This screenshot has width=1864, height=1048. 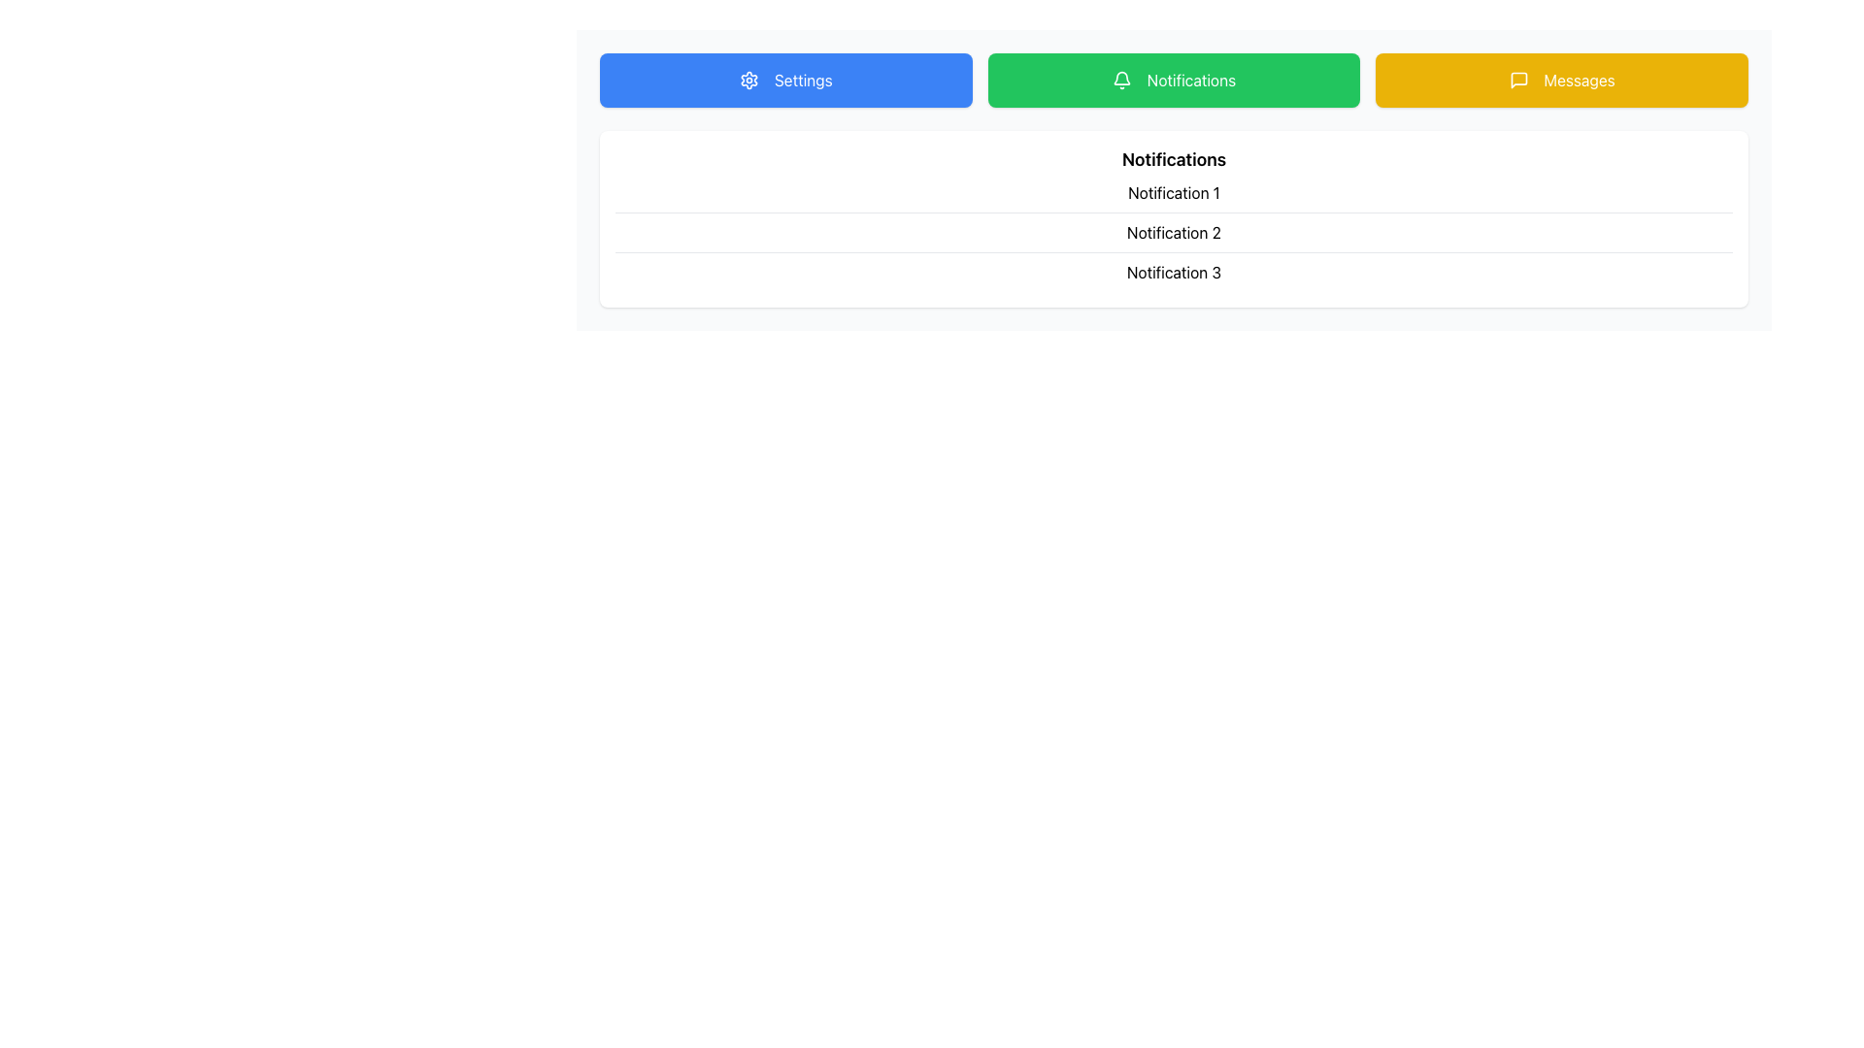 What do you see at coordinates (1173, 232) in the screenshot?
I see `the Text Label displaying 'Notification 2', which is the second item in a list of notifications under the 'Notifications' header` at bounding box center [1173, 232].